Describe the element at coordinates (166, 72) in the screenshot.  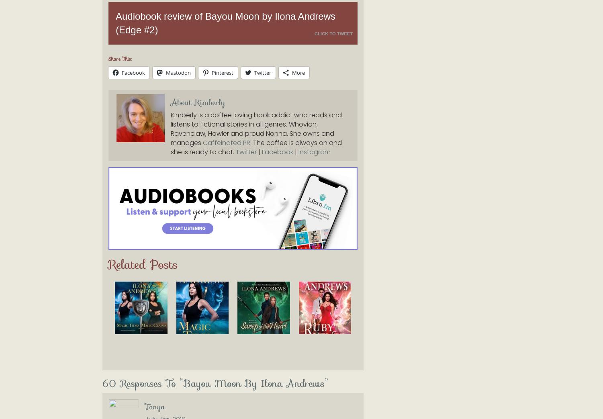
I see `'Mastodon'` at that location.